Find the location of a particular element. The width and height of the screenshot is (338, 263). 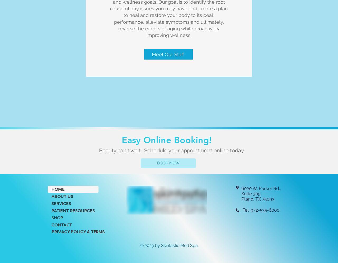

'Other Financing Options' is located at coordinates (125, 218).